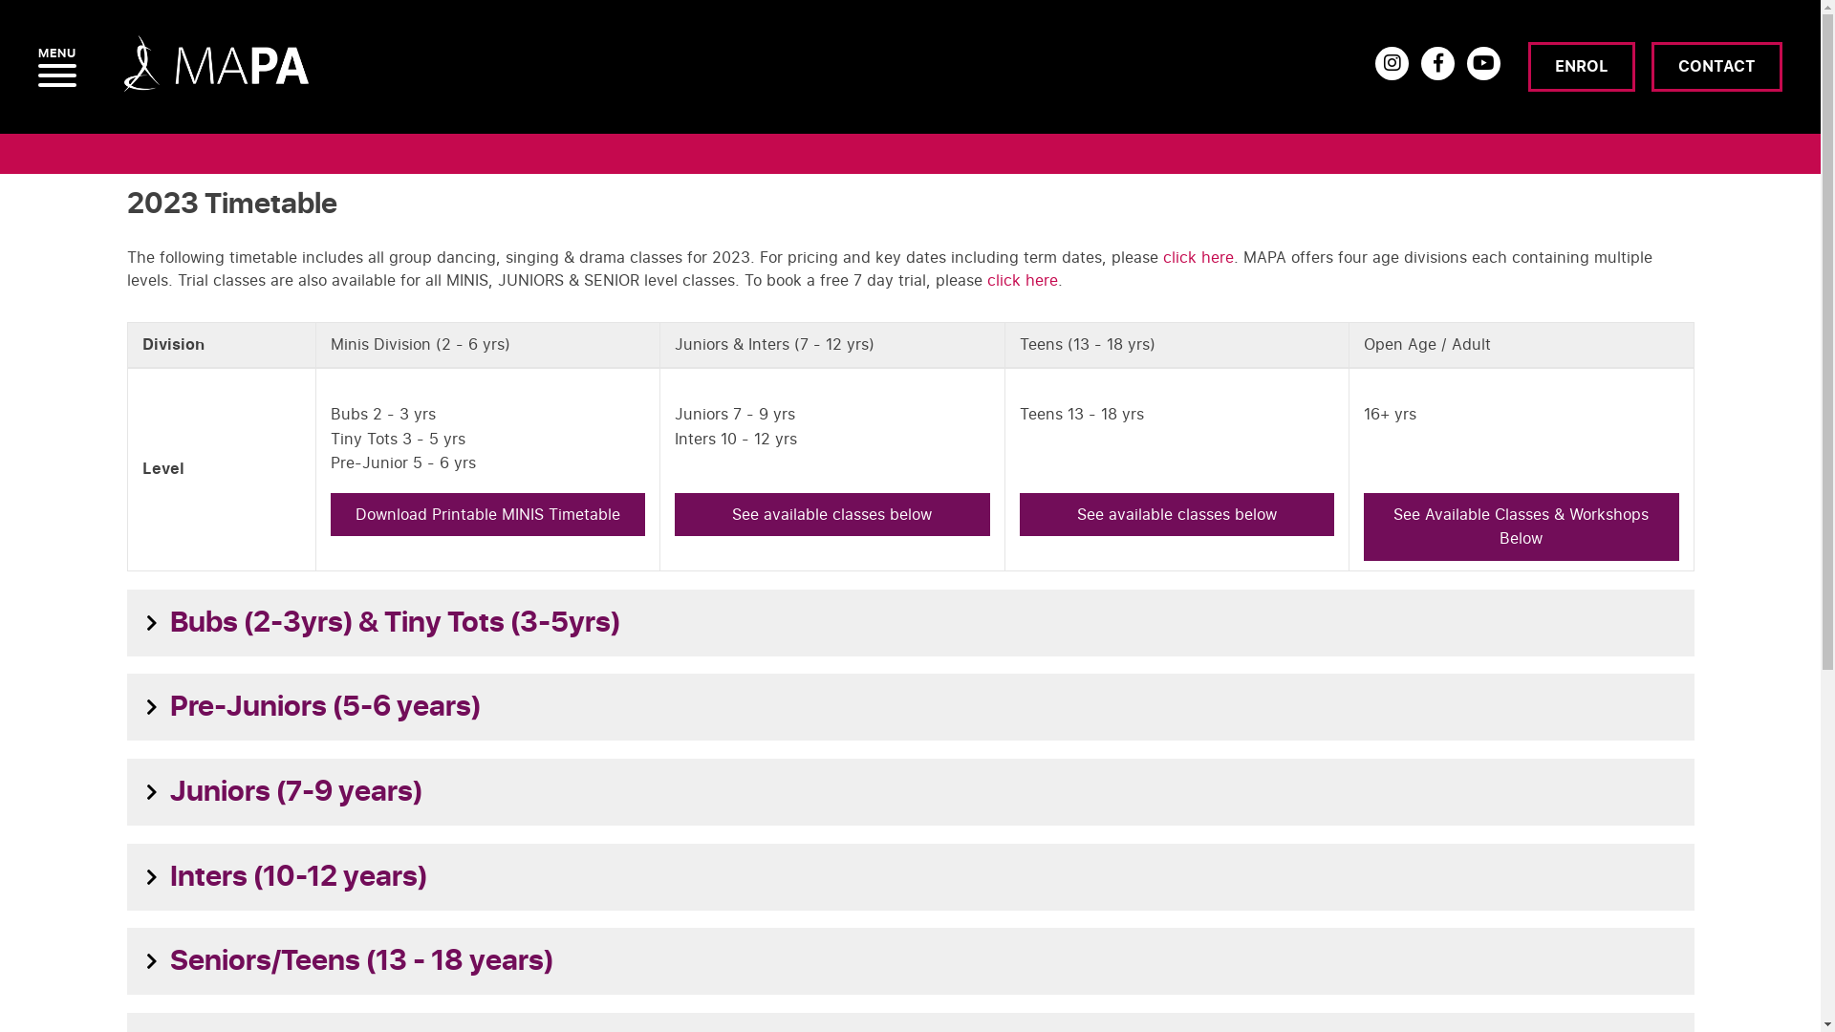  I want to click on 'Subscribe to us on Youtube', so click(1466, 62).